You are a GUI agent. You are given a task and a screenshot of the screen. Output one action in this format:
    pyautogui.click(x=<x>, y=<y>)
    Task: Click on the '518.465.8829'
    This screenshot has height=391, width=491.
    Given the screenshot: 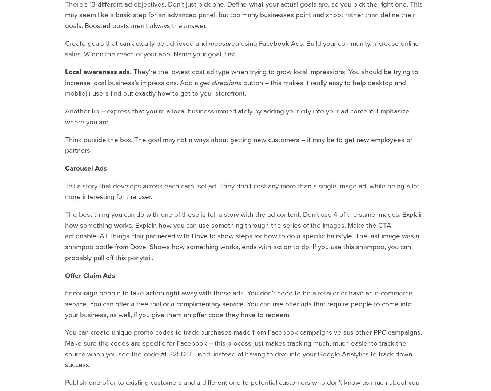 What is the action you would take?
    pyautogui.click(x=151, y=336)
    